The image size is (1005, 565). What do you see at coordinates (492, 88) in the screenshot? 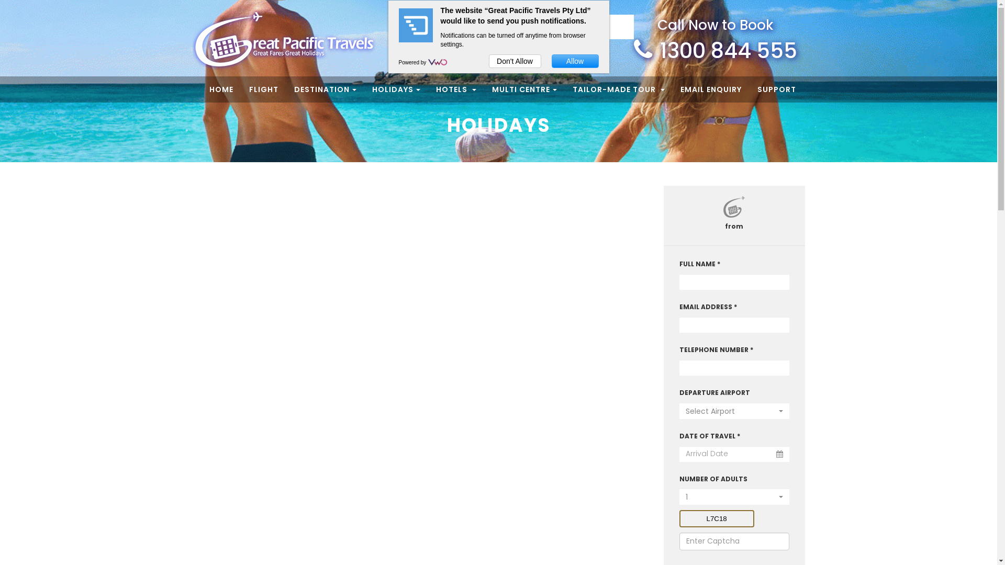
I see `'MULTI CENTRE'` at bounding box center [492, 88].